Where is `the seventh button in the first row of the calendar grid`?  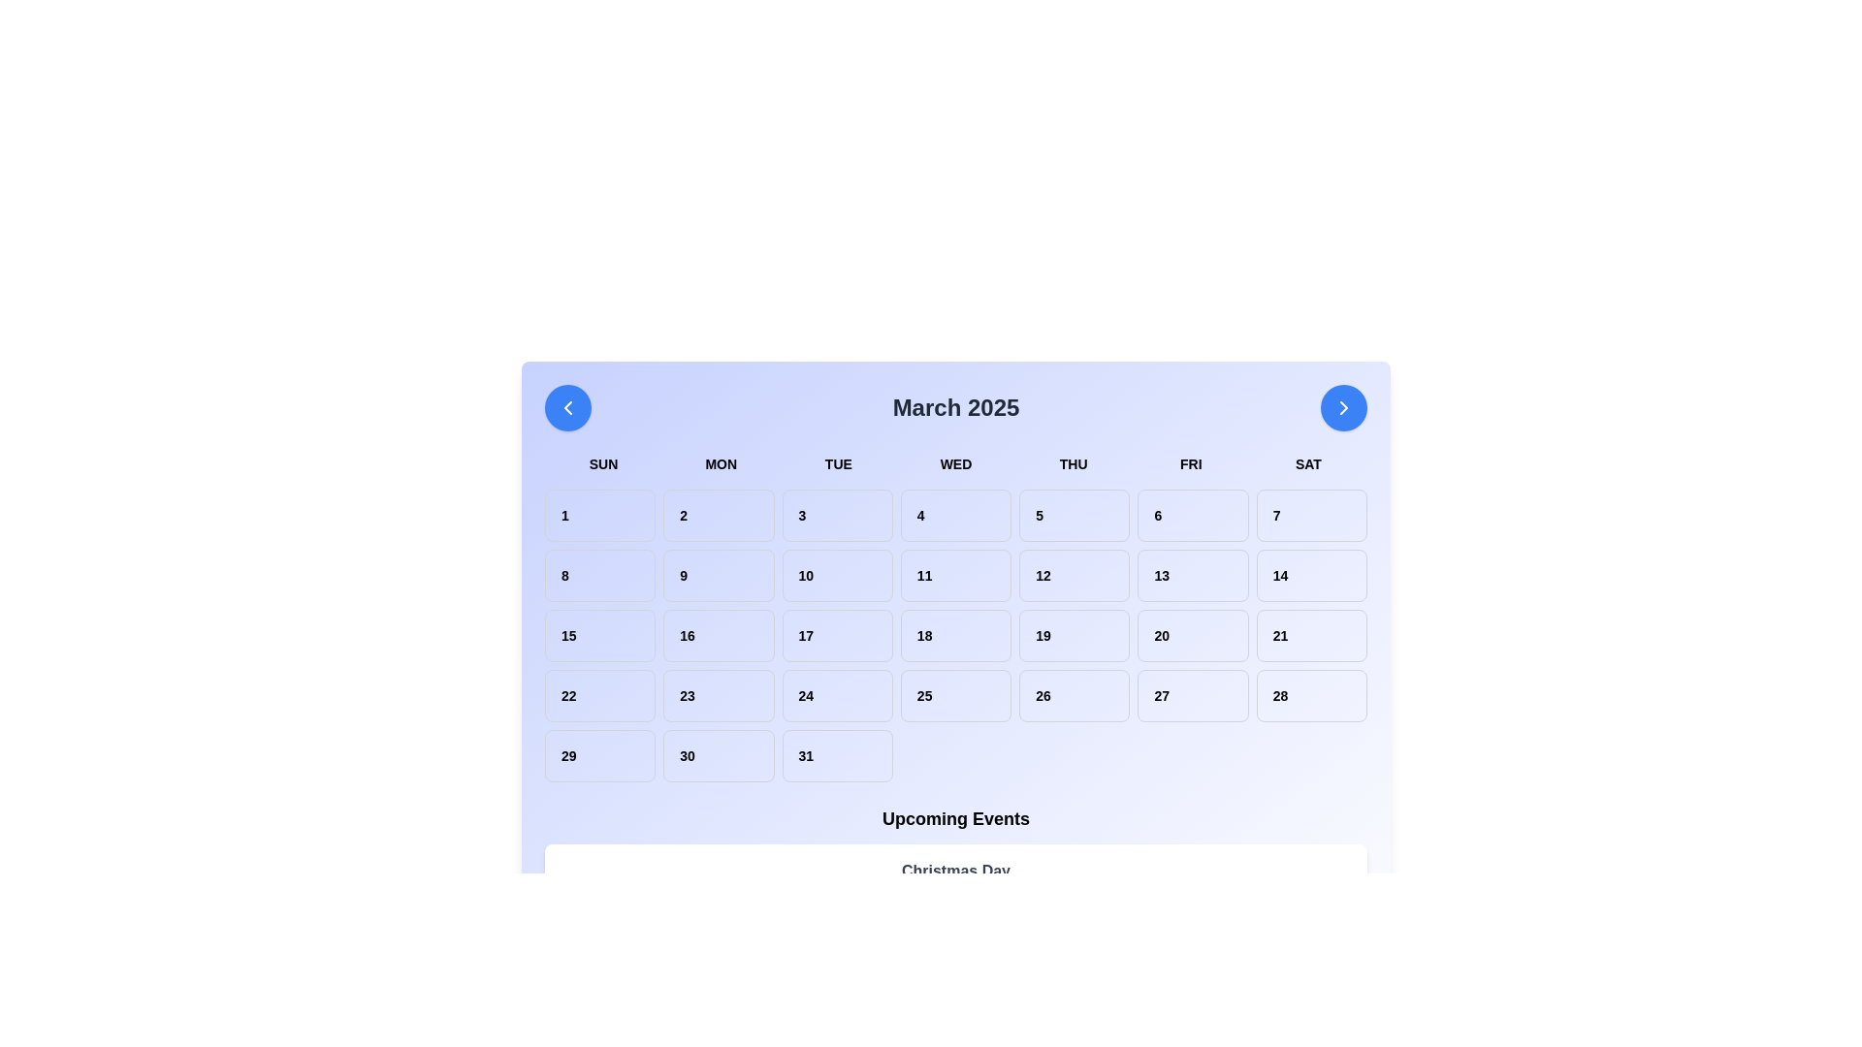
the seventh button in the first row of the calendar grid is located at coordinates (1311, 515).